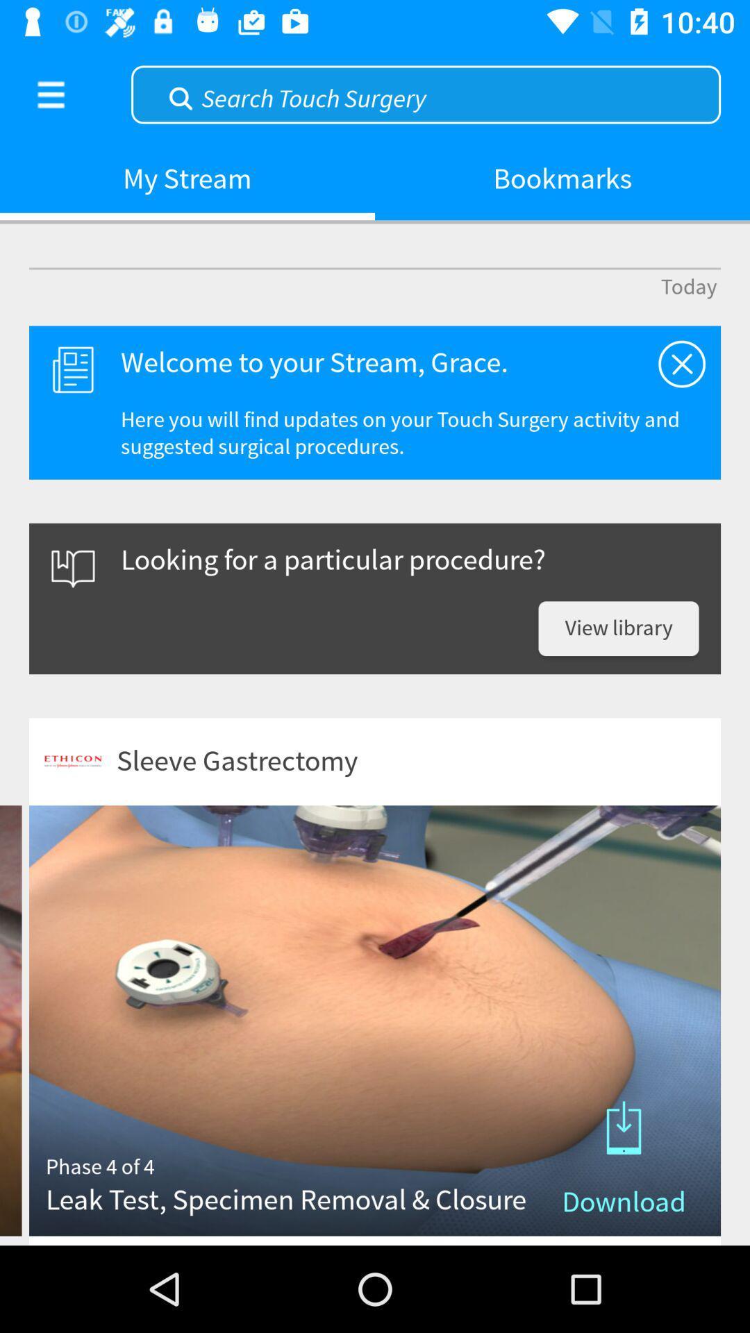 The image size is (750, 1333). What do you see at coordinates (425, 92) in the screenshot?
I see `the item above the my stream icon` at bounding box center [425, 92].